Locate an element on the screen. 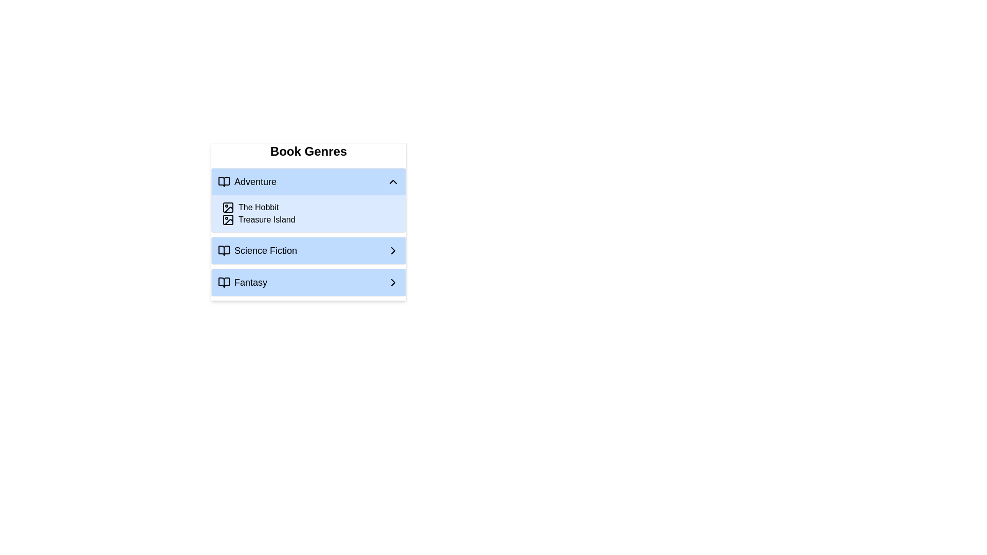  the icon representing the 'Fantasy' category, located to the left of the text 'Fantasy' in the 'Book Genres' interface list is located at coordinates (224, 283).